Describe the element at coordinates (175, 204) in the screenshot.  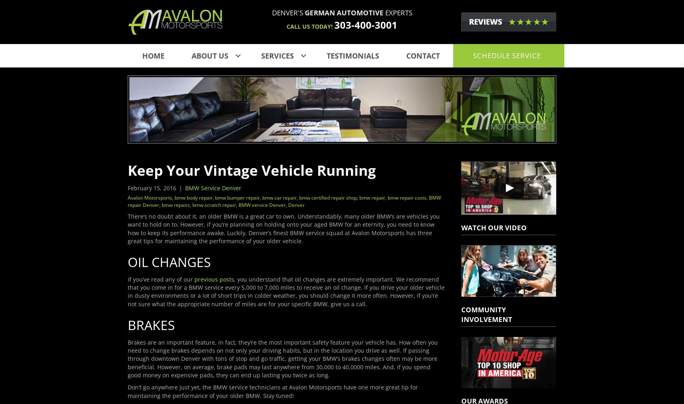
I see `'bmw repairs'` at that location.